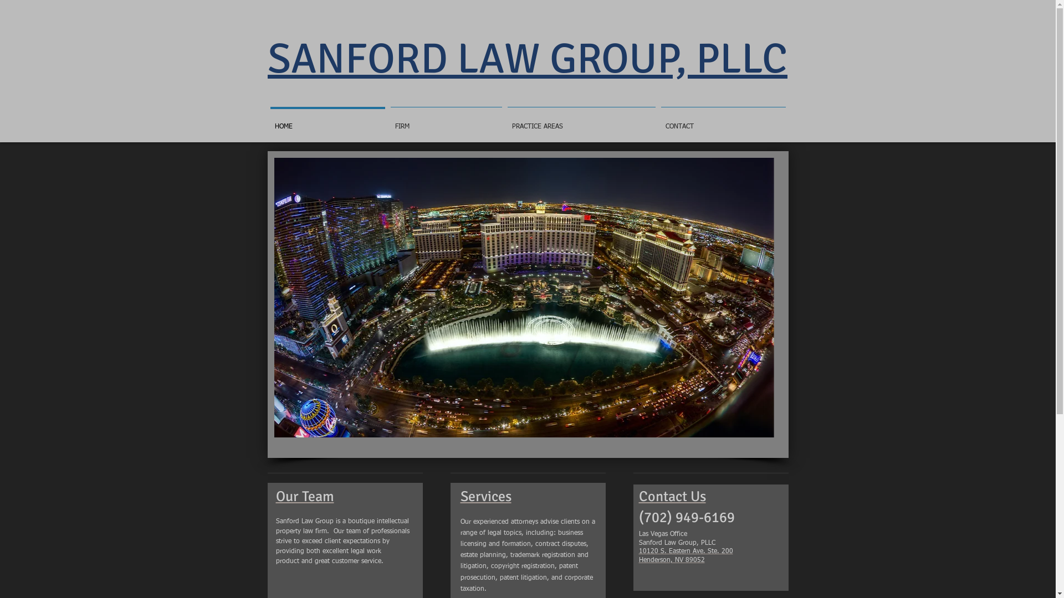  I want to click on '10120 S. Eastern Ave. Ste. 200', so click(685, 537).